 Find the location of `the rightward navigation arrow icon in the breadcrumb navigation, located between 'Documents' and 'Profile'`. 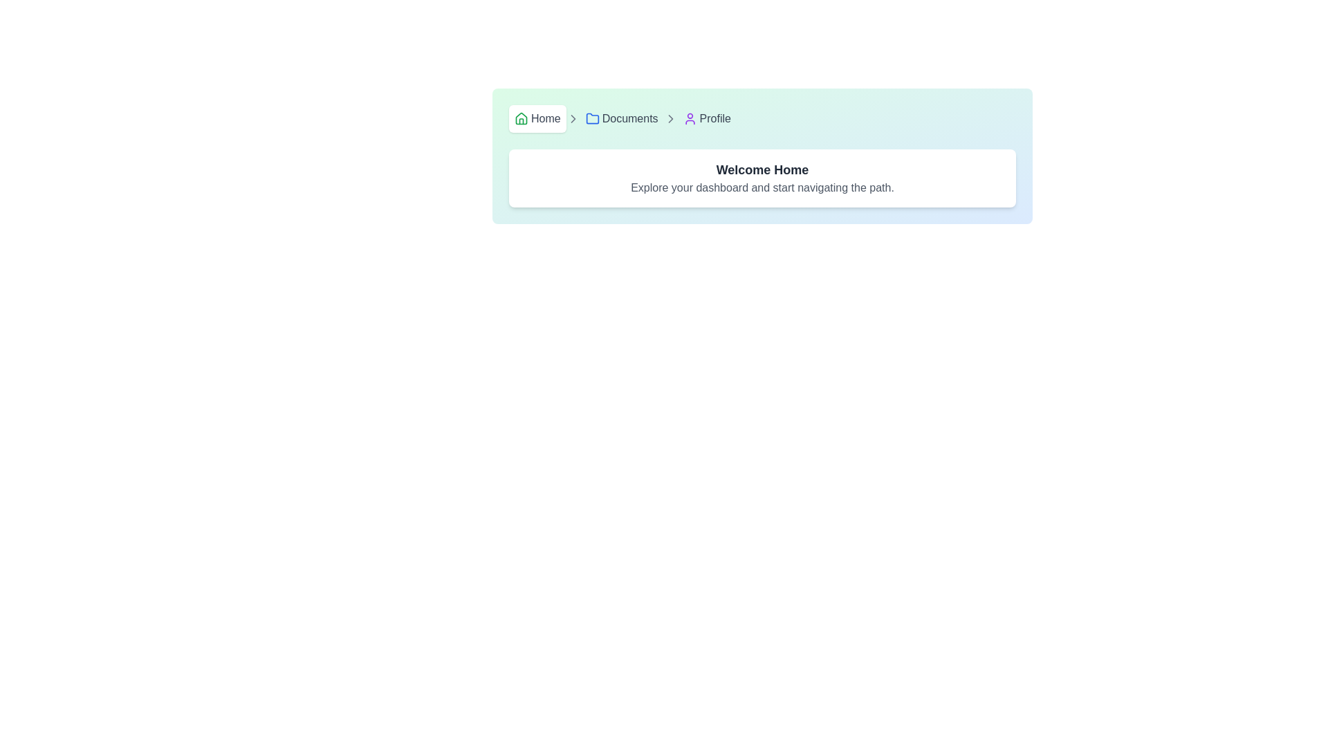

the rightward navigation arrow icon in the breadcrumb navigation, located between 'Documents' and 'Profile' is located at coordinates (670, 118).